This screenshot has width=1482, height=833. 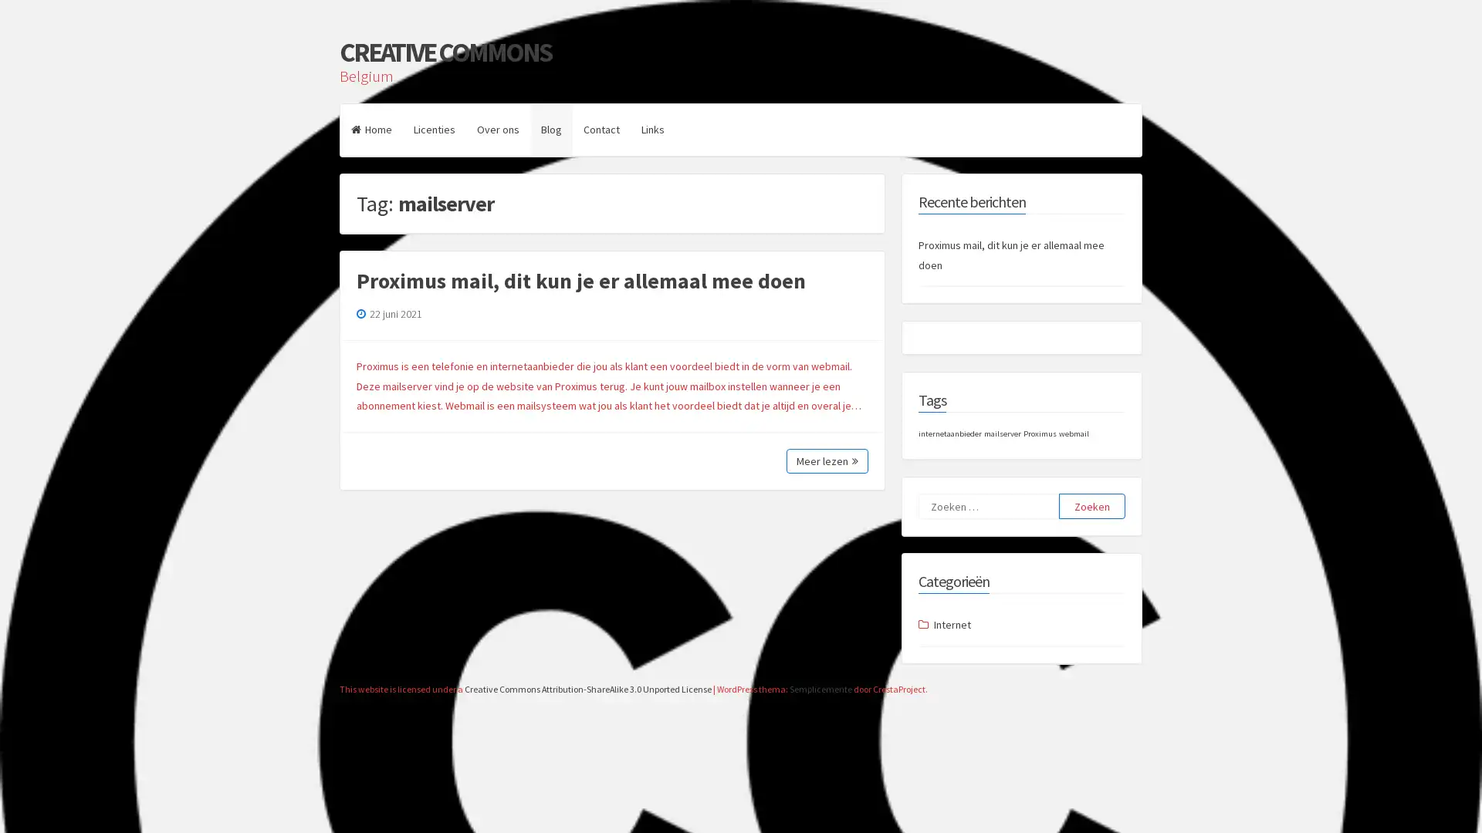 What do you see at coordinates (1091, 506) in the screenshot?
I see `Zoeken` at bounding box center [1091, 506].